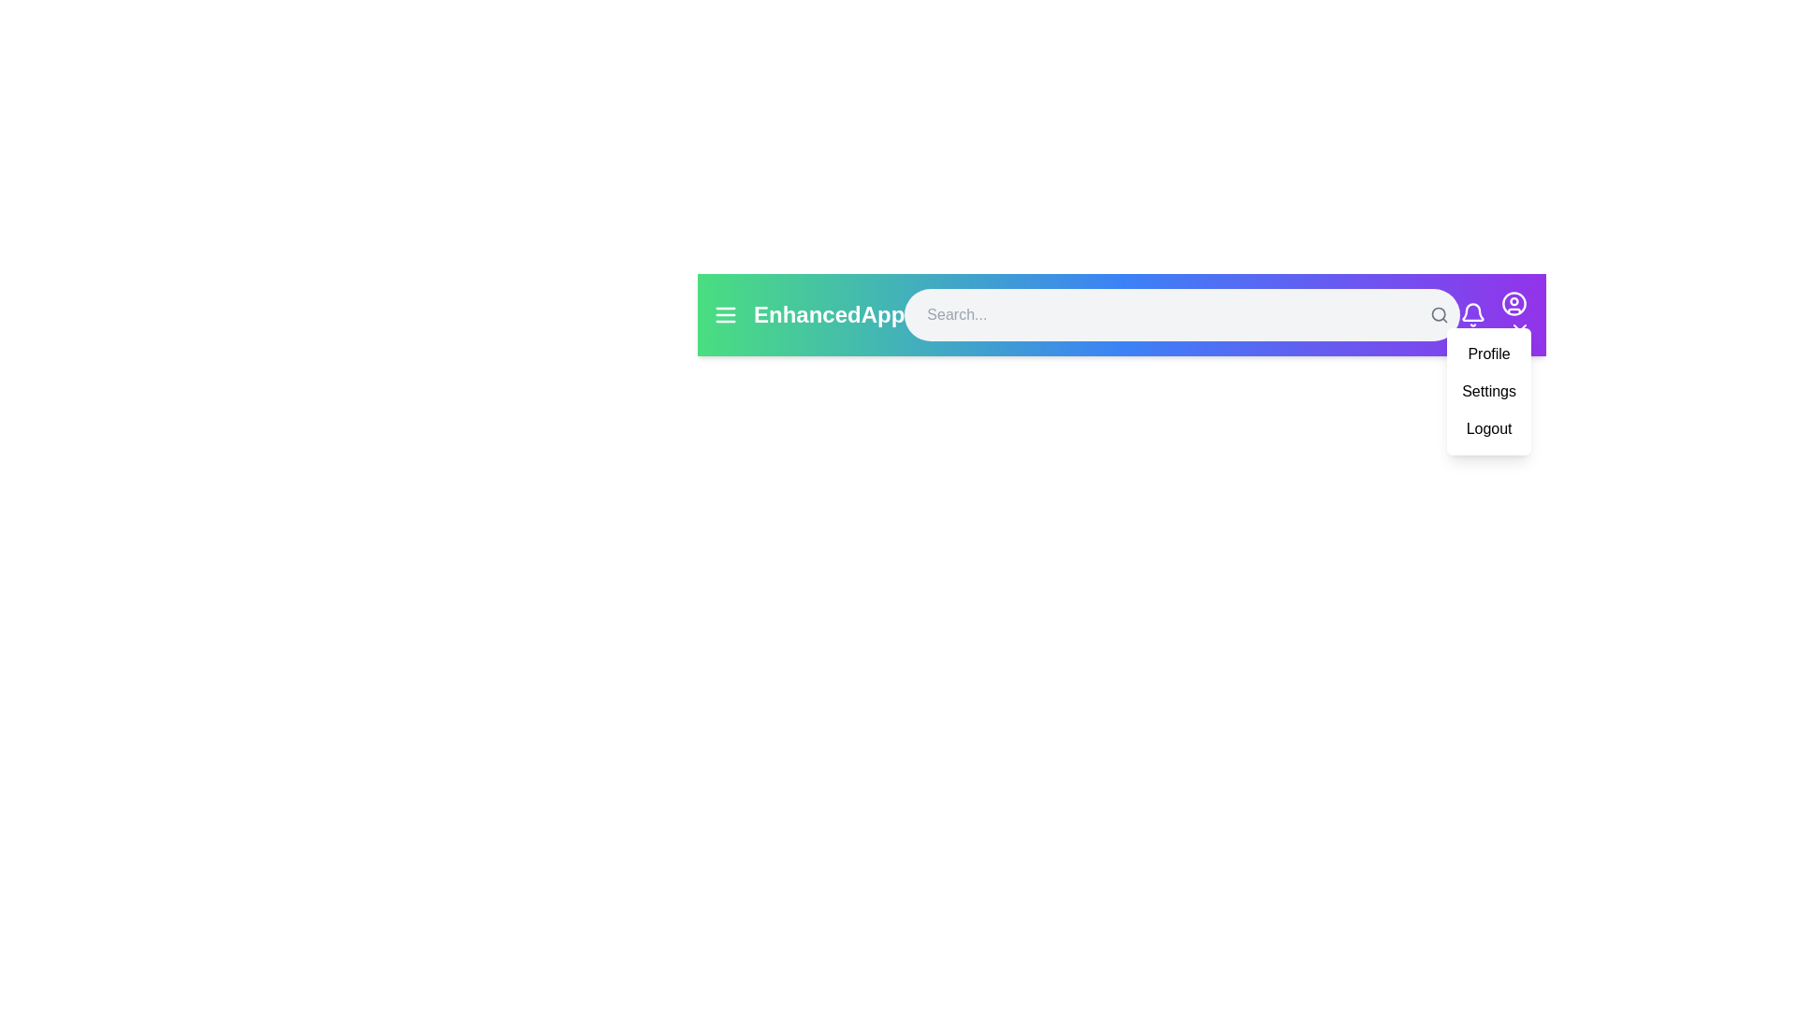  I want to click on the Logout option from the user menu, so click(1488, 429).